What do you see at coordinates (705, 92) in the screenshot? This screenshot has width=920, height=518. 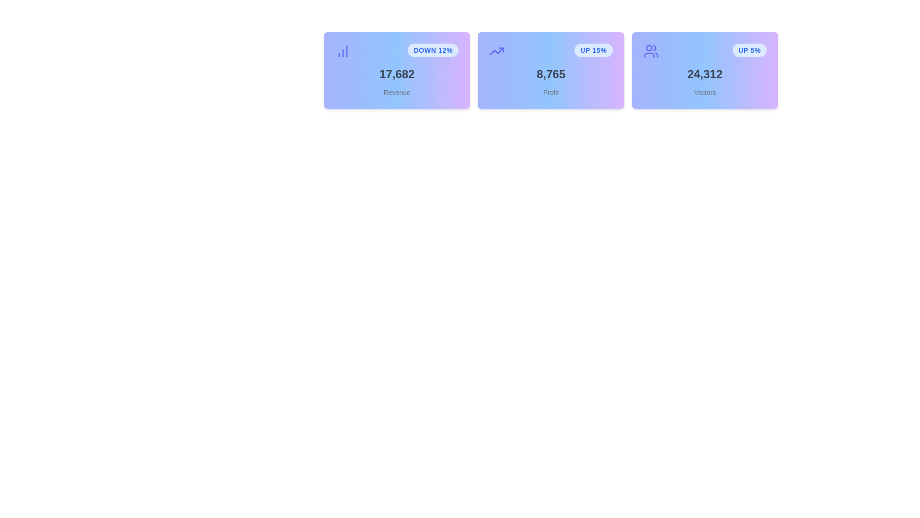 I see `the Text Label that describes the meaning of the numerical value '24,312', located at the bottom center of the gradient-colored card in the rightmost column of a three-column layout` at bounding box center [705, 92].